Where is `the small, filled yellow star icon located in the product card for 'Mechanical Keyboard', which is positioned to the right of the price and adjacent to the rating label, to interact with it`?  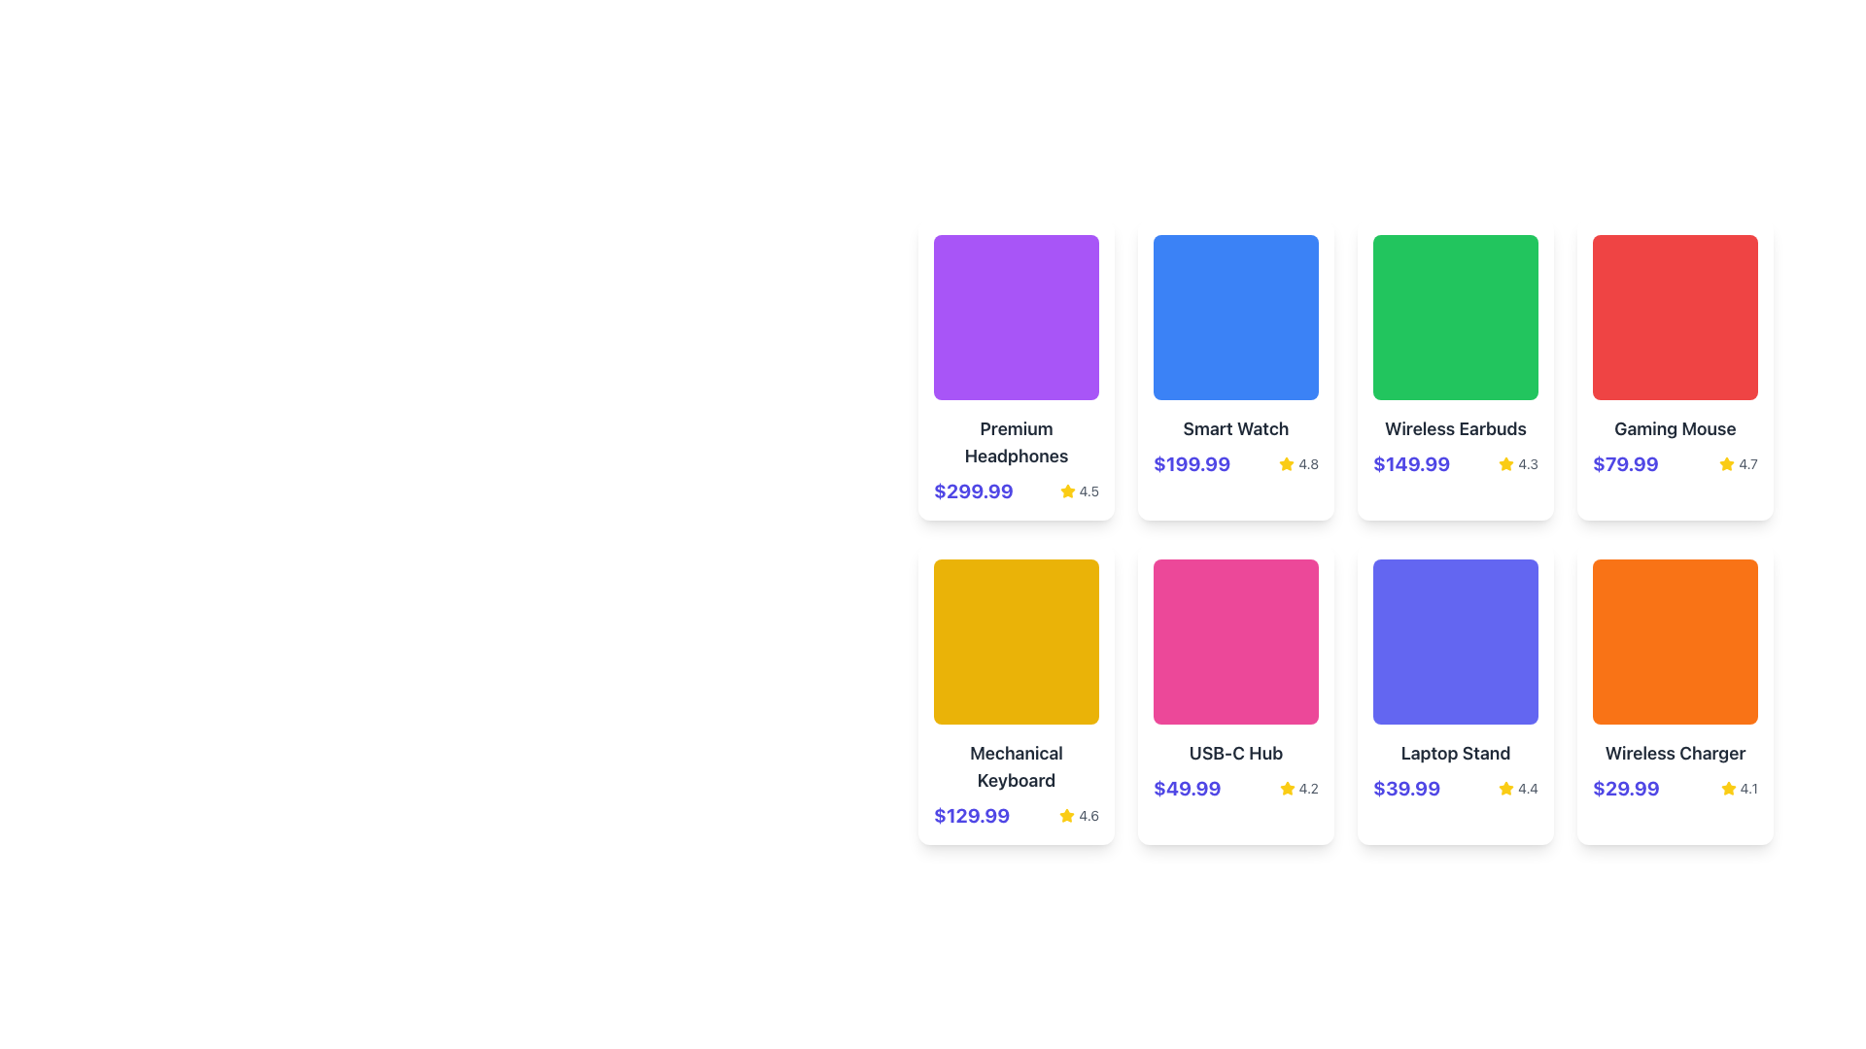
the small, filled yellow star icon located in the product card for 'Mechanical Keyboard', which is positioned to the right of the price and adjacent to the rating label, to interact with it is located at coordinates (1066, 815).